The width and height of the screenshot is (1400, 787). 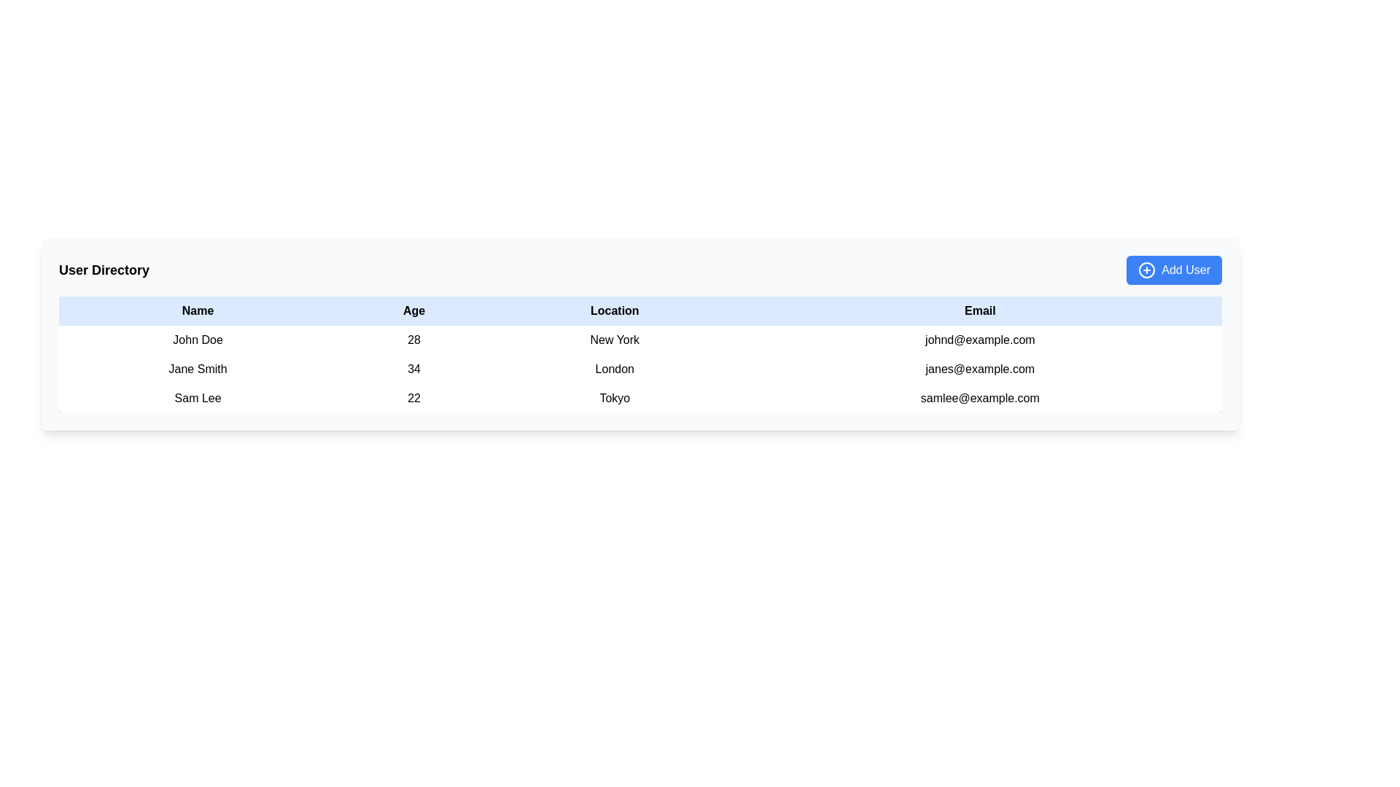 What do you see at coordinates (980, 368) in the screenshot?
I see `the email contact text element for user Jane Smith, located in the fourth column of the second row of the table, under the header 'Email'` at bounding box center [980, 368].